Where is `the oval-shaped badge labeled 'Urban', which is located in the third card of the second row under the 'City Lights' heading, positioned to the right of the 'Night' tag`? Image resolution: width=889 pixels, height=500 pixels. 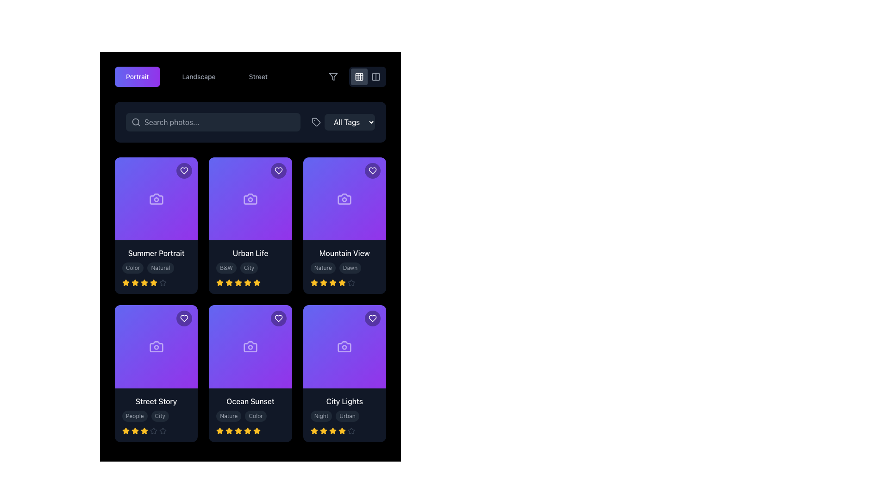
the oval-shaped badge labeled 'Urban', which is located in the third card of the second row under the 'City Lights' heading, positioned to the right of the 'Night' tag is located at coordinates (347, 415).